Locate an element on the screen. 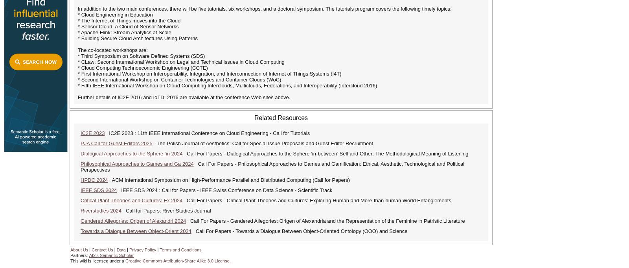 The width and height of the screenshot is (629, 268). '* Apache Flink: Stream Analytics at Scale' is located at coordinates (124, 32).